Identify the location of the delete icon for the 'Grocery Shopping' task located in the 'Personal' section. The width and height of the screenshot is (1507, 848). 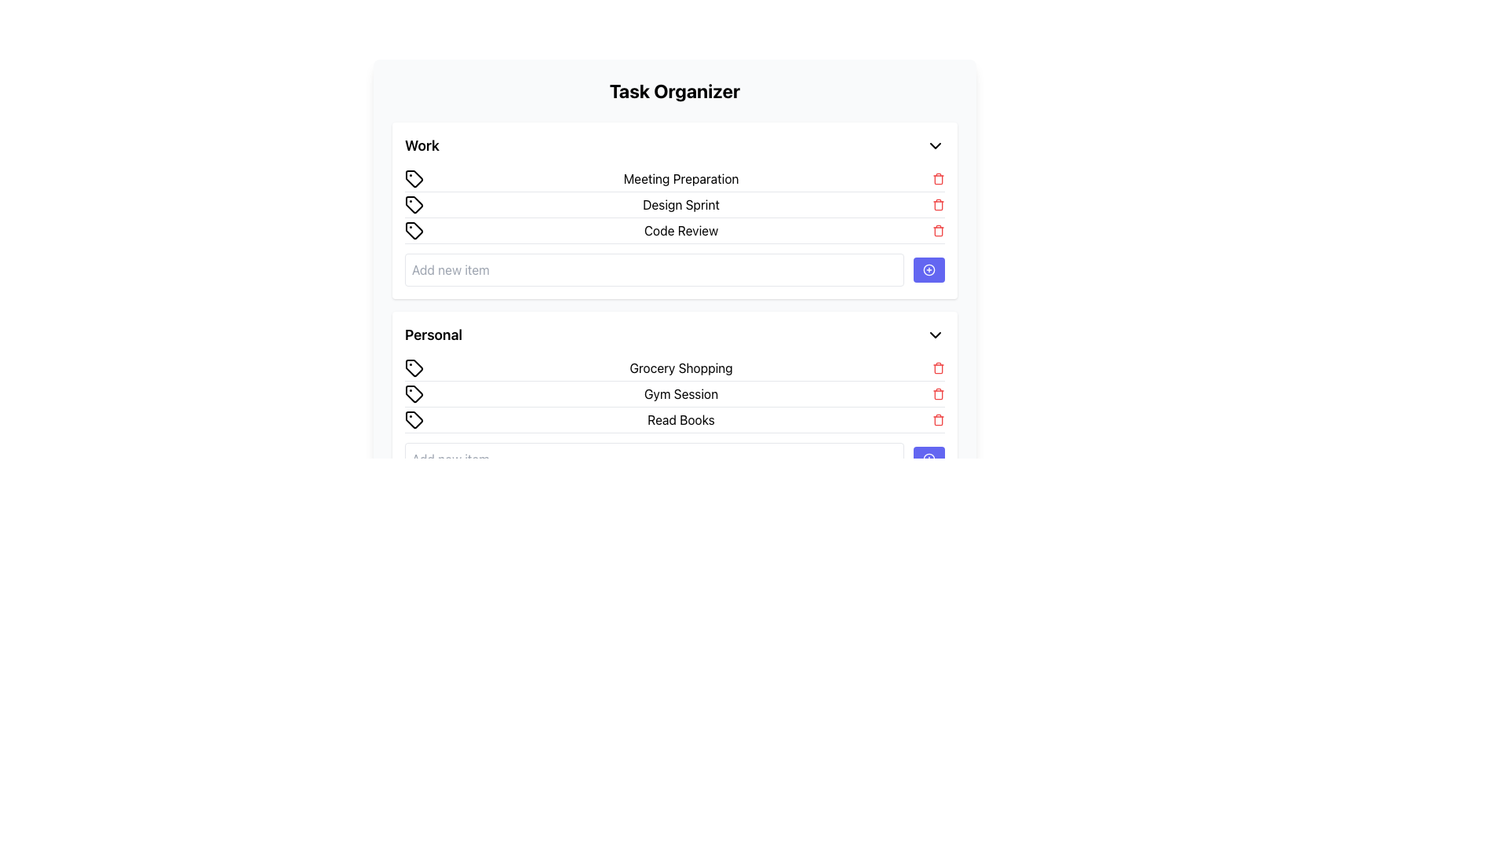
(938, 368).